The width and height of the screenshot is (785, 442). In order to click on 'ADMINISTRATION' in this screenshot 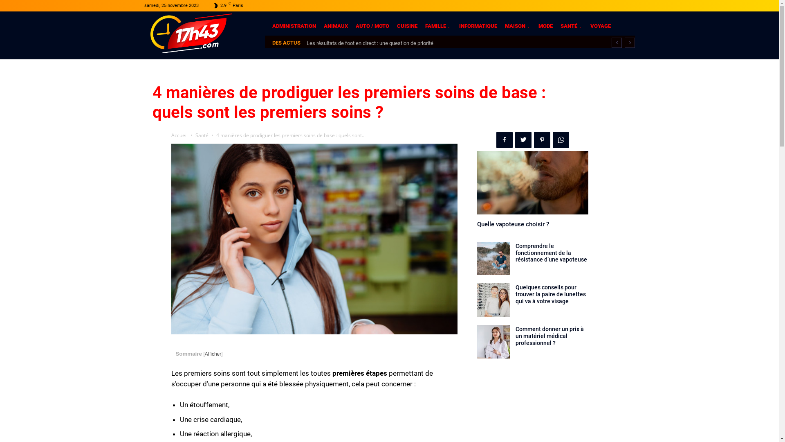, I will do `click(294, 25)`.